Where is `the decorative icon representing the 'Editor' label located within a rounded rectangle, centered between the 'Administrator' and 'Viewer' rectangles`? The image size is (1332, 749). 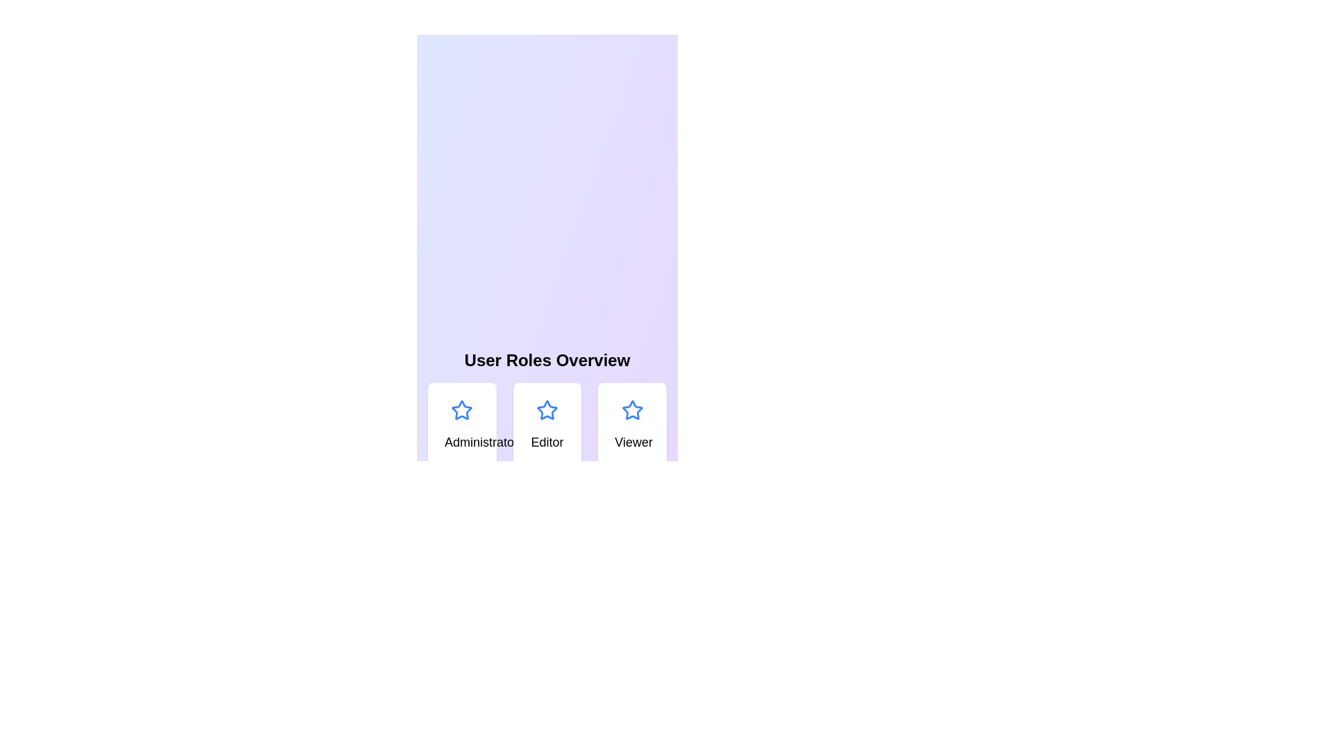 the decorative icon representing the 'Editor' label located within a rounded rectangle, centered between the 'Administrator' and 'Viewer' rectangles is located at coordinates (546, 409).